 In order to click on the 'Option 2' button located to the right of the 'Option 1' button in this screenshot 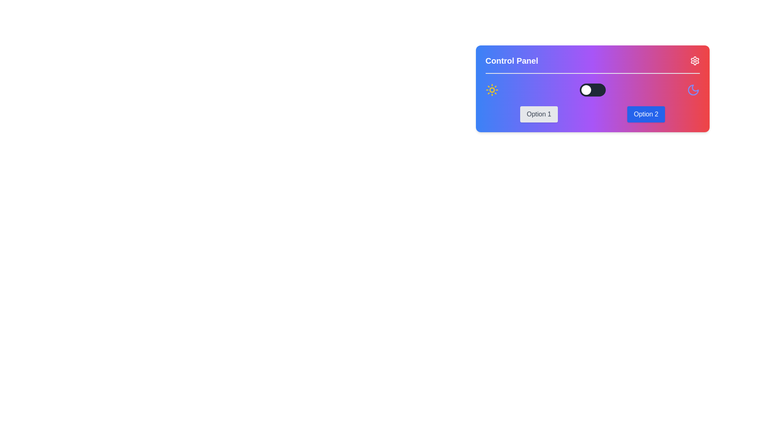, I will do `click(646, 114)`.